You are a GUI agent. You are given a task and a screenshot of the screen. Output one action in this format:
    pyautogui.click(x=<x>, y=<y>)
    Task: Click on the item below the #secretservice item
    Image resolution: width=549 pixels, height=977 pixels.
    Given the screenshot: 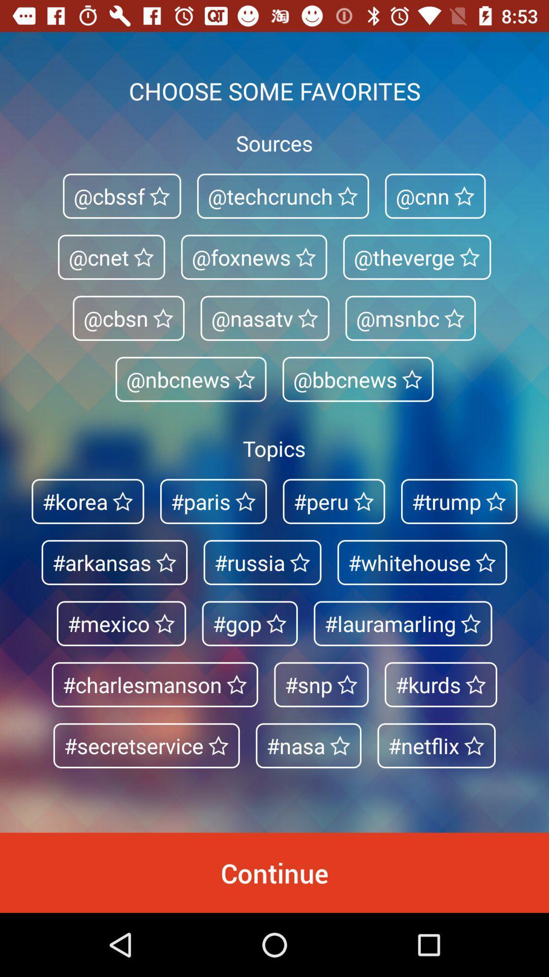 What is the action you would take?
    pyautogui.click(x=274, y=872)
    